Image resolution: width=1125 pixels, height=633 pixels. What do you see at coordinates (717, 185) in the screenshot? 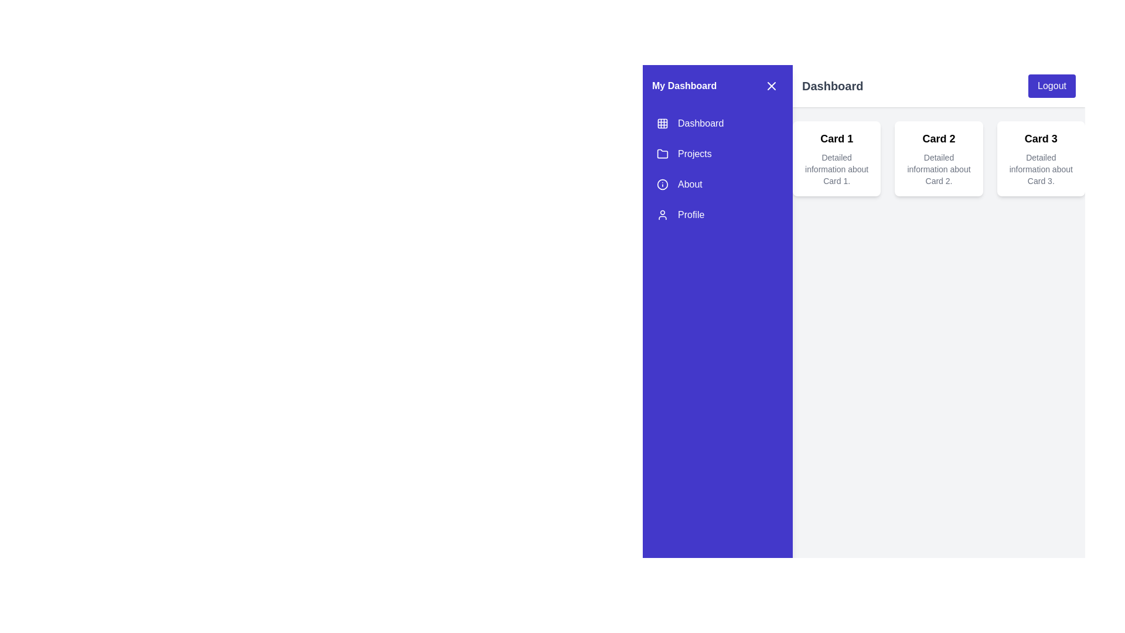
I see `the 'About' button in the vertical navigation menu to change its background color, which is the third option below 'Dashboard' and above 'Profile'` at bounding box center [717, 185].